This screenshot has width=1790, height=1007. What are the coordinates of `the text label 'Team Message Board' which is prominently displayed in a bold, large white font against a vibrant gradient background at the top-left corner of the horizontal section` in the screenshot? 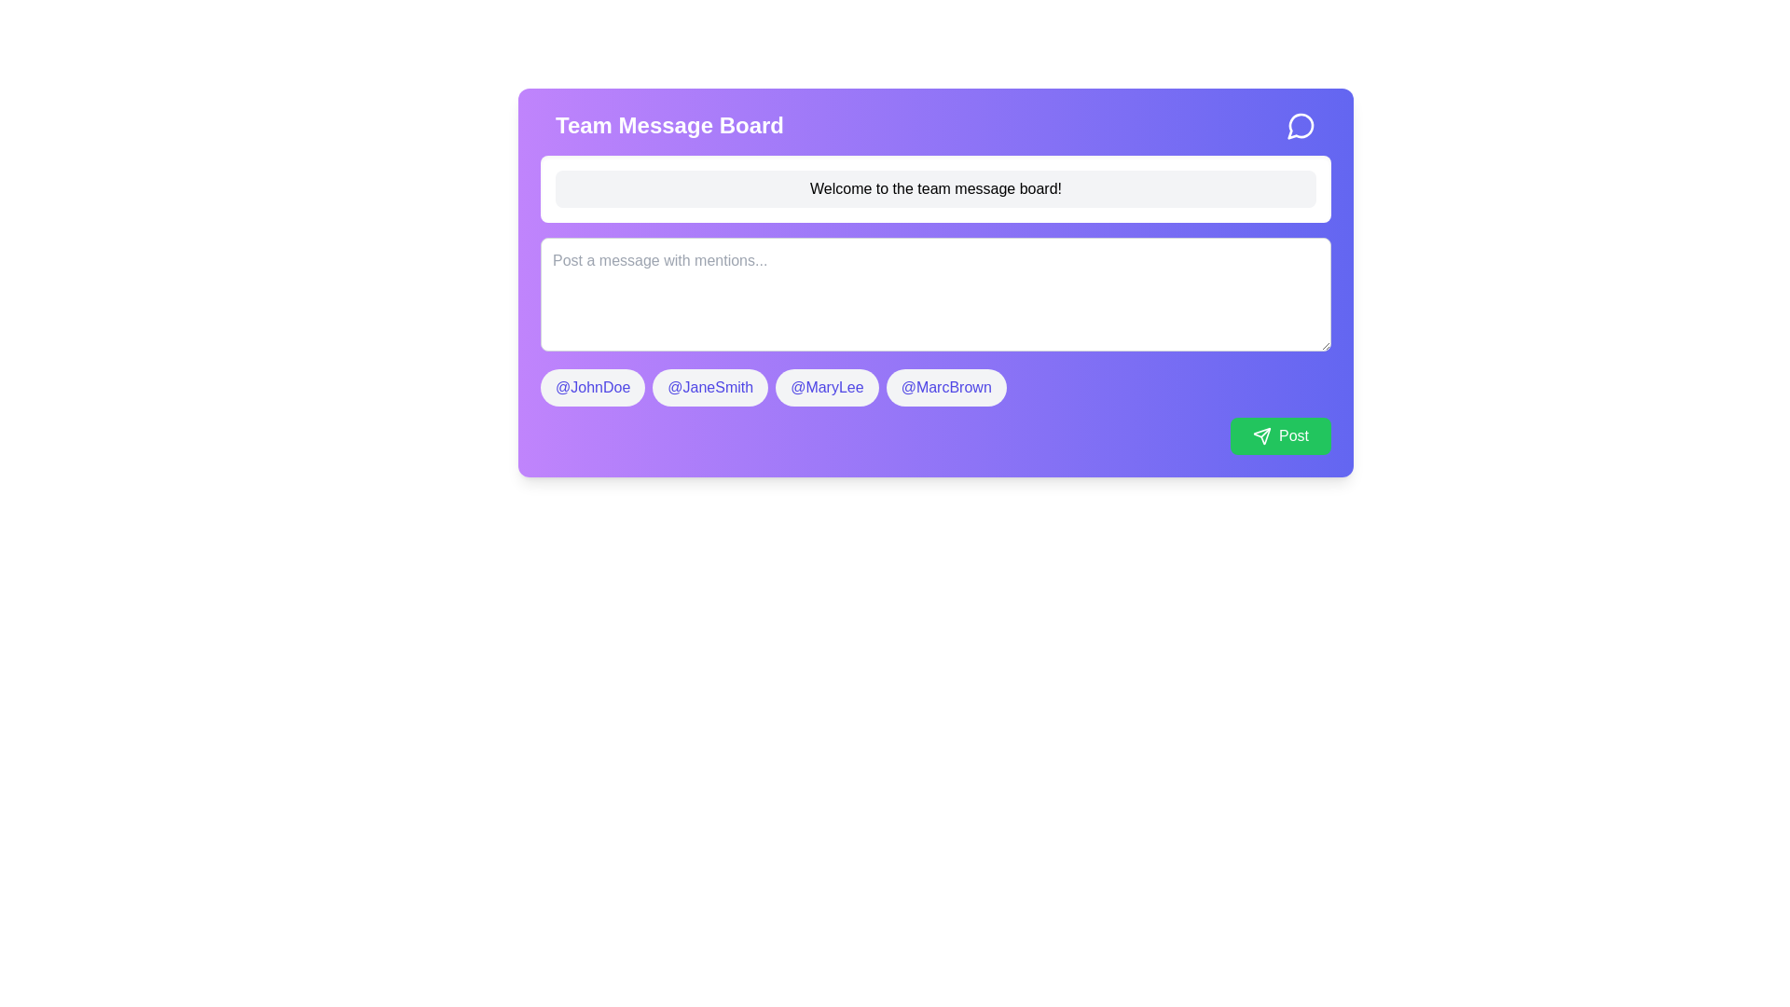 It's located at (669, 126).